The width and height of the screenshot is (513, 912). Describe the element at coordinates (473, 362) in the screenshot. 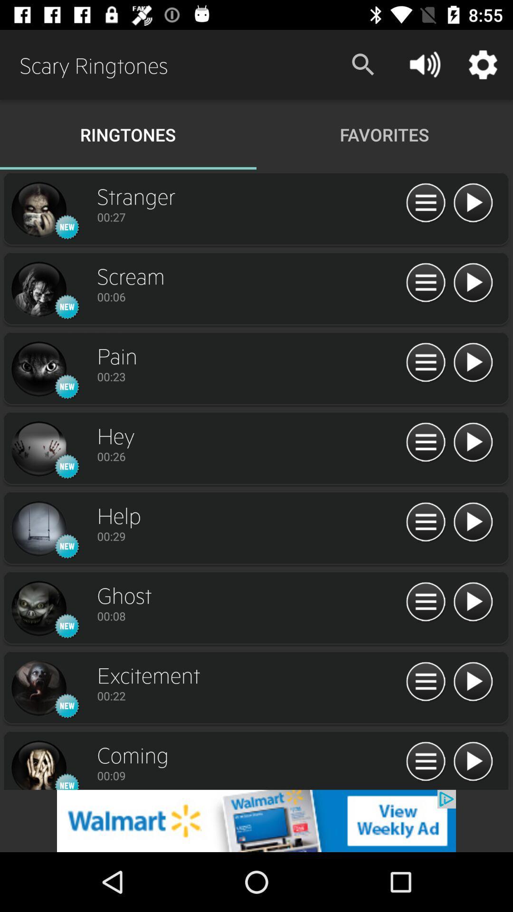

I see `the play` at that location.